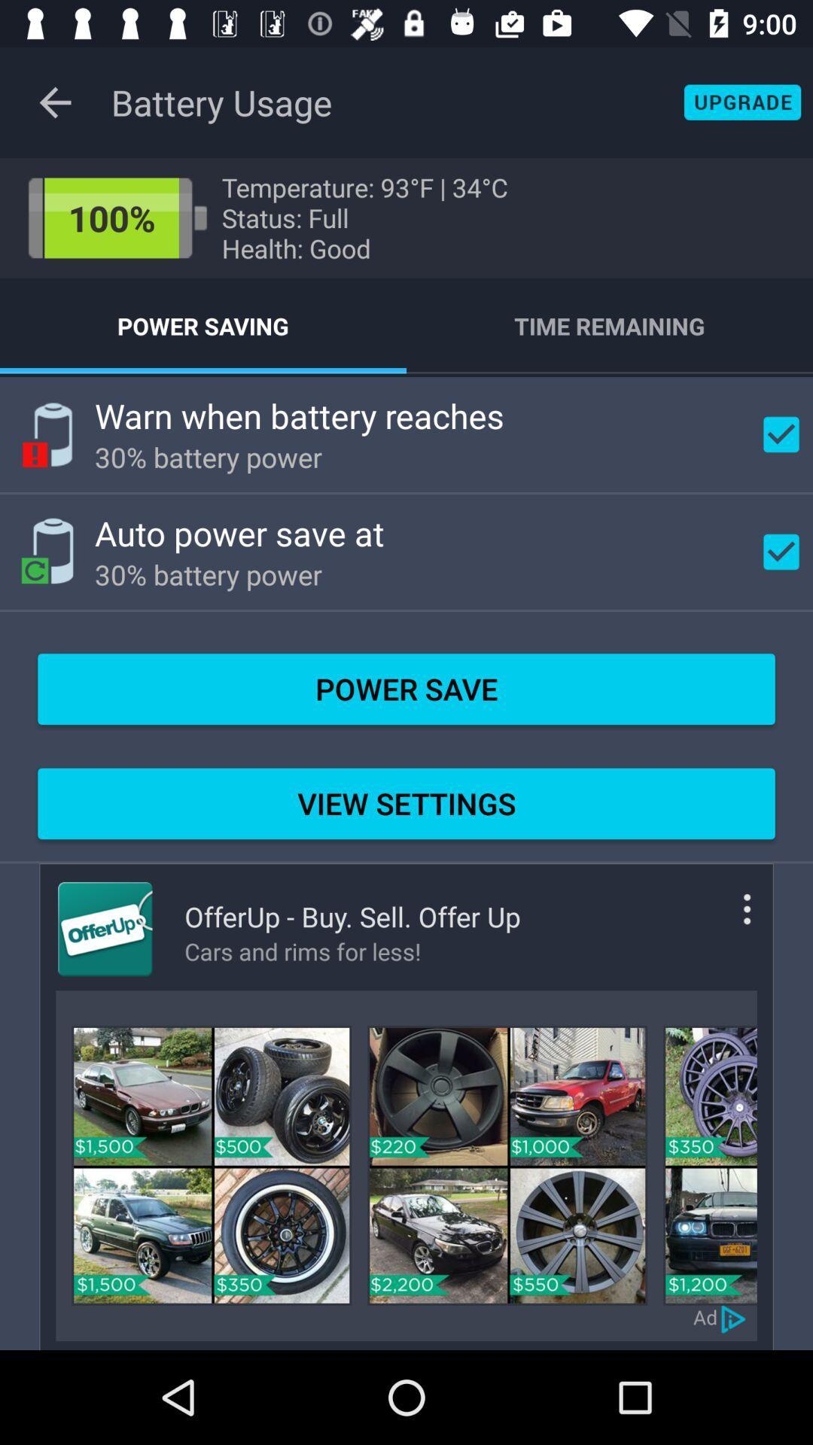  I want to click on warn when battery item, so click(299, 415).